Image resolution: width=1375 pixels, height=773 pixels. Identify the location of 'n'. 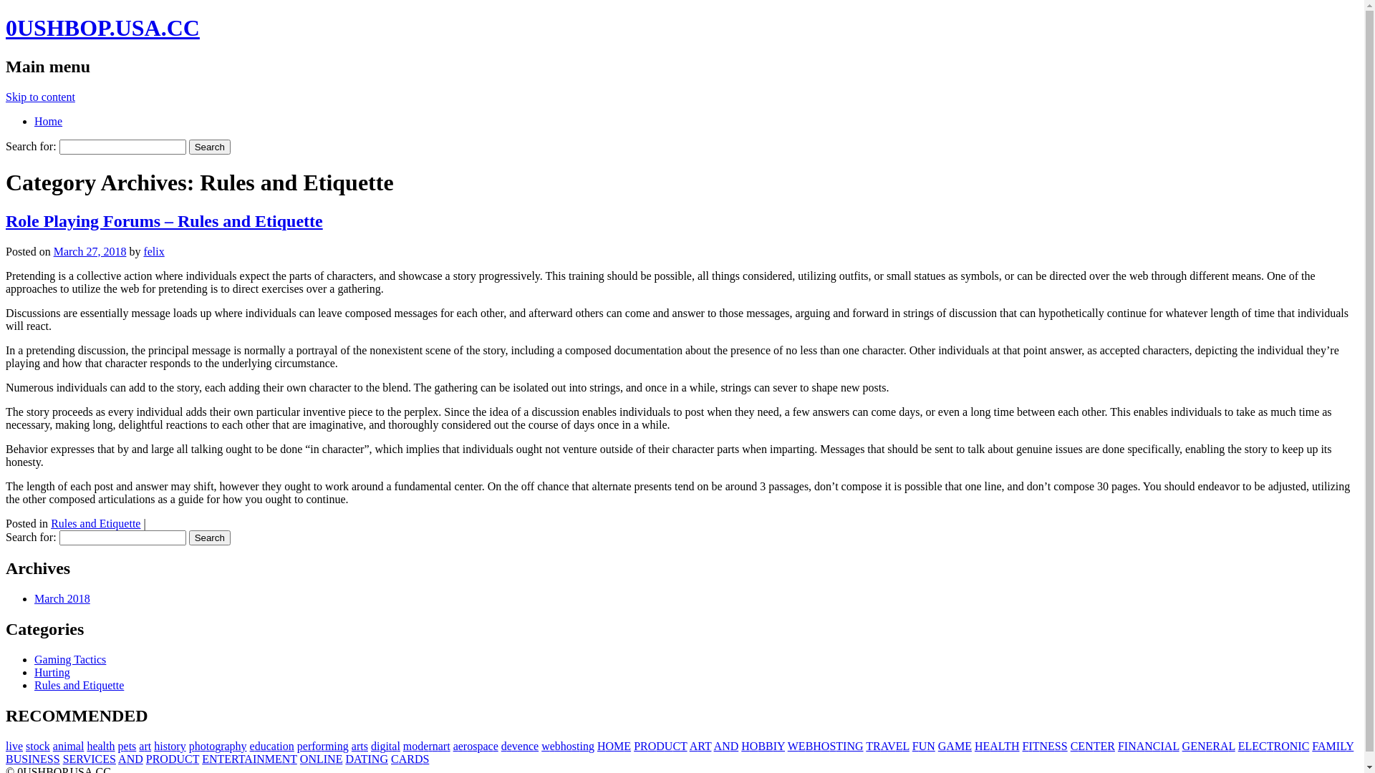
(525, 745).